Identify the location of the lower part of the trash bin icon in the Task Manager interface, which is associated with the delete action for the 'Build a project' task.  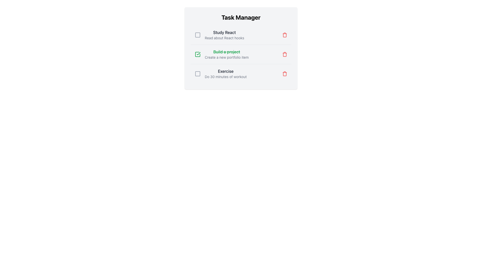
(285, 54).